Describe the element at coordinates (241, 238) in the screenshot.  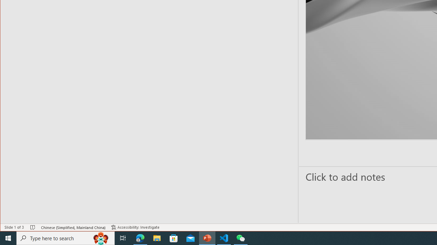
I see `'WeChat - 1 running window'` at that location.